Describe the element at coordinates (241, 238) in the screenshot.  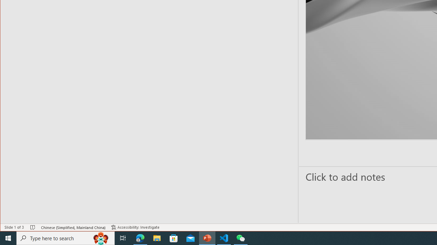
I see `'WeChat - 1 running window'` at that location.